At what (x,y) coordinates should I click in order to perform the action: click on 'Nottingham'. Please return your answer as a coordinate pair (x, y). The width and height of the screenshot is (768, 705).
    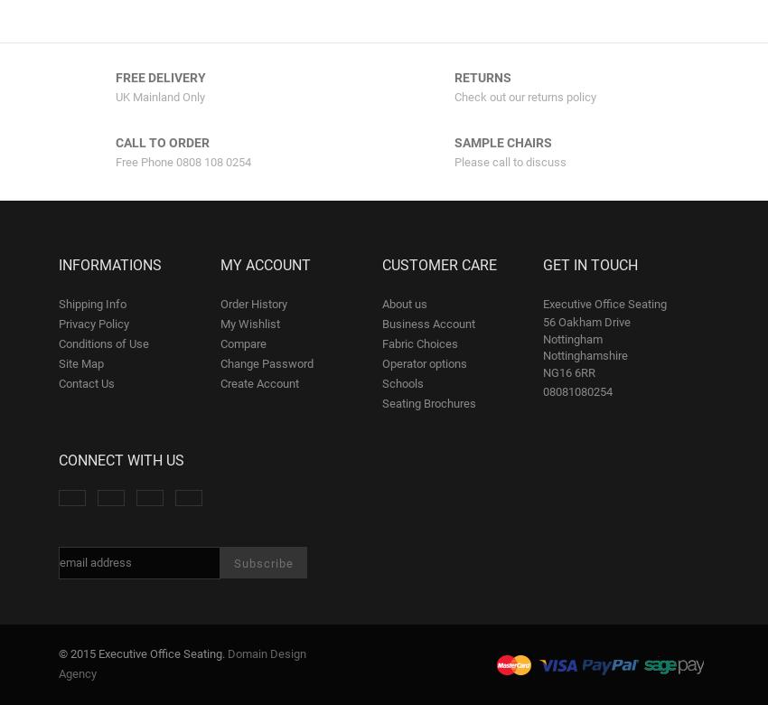
    Looking at the image, I should click on (572, 337).